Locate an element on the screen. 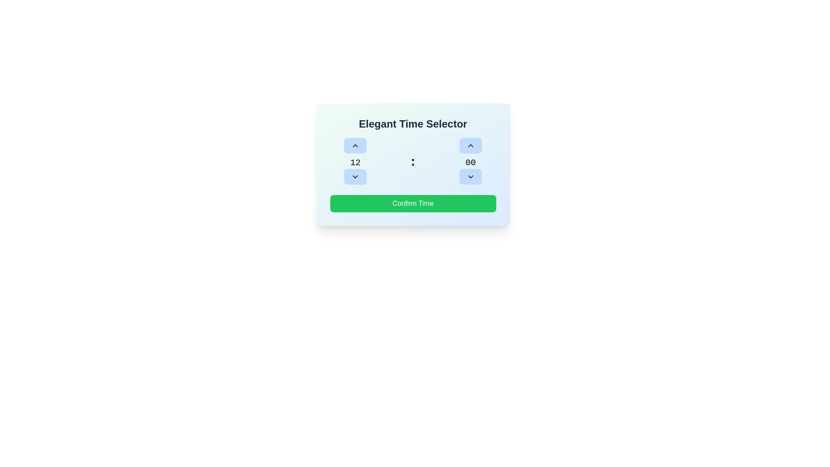  the numerical value display element that indicates minutes in a time selector interface, positioned centrally between an upward and downward arrow is located at coordinates (470, 163).